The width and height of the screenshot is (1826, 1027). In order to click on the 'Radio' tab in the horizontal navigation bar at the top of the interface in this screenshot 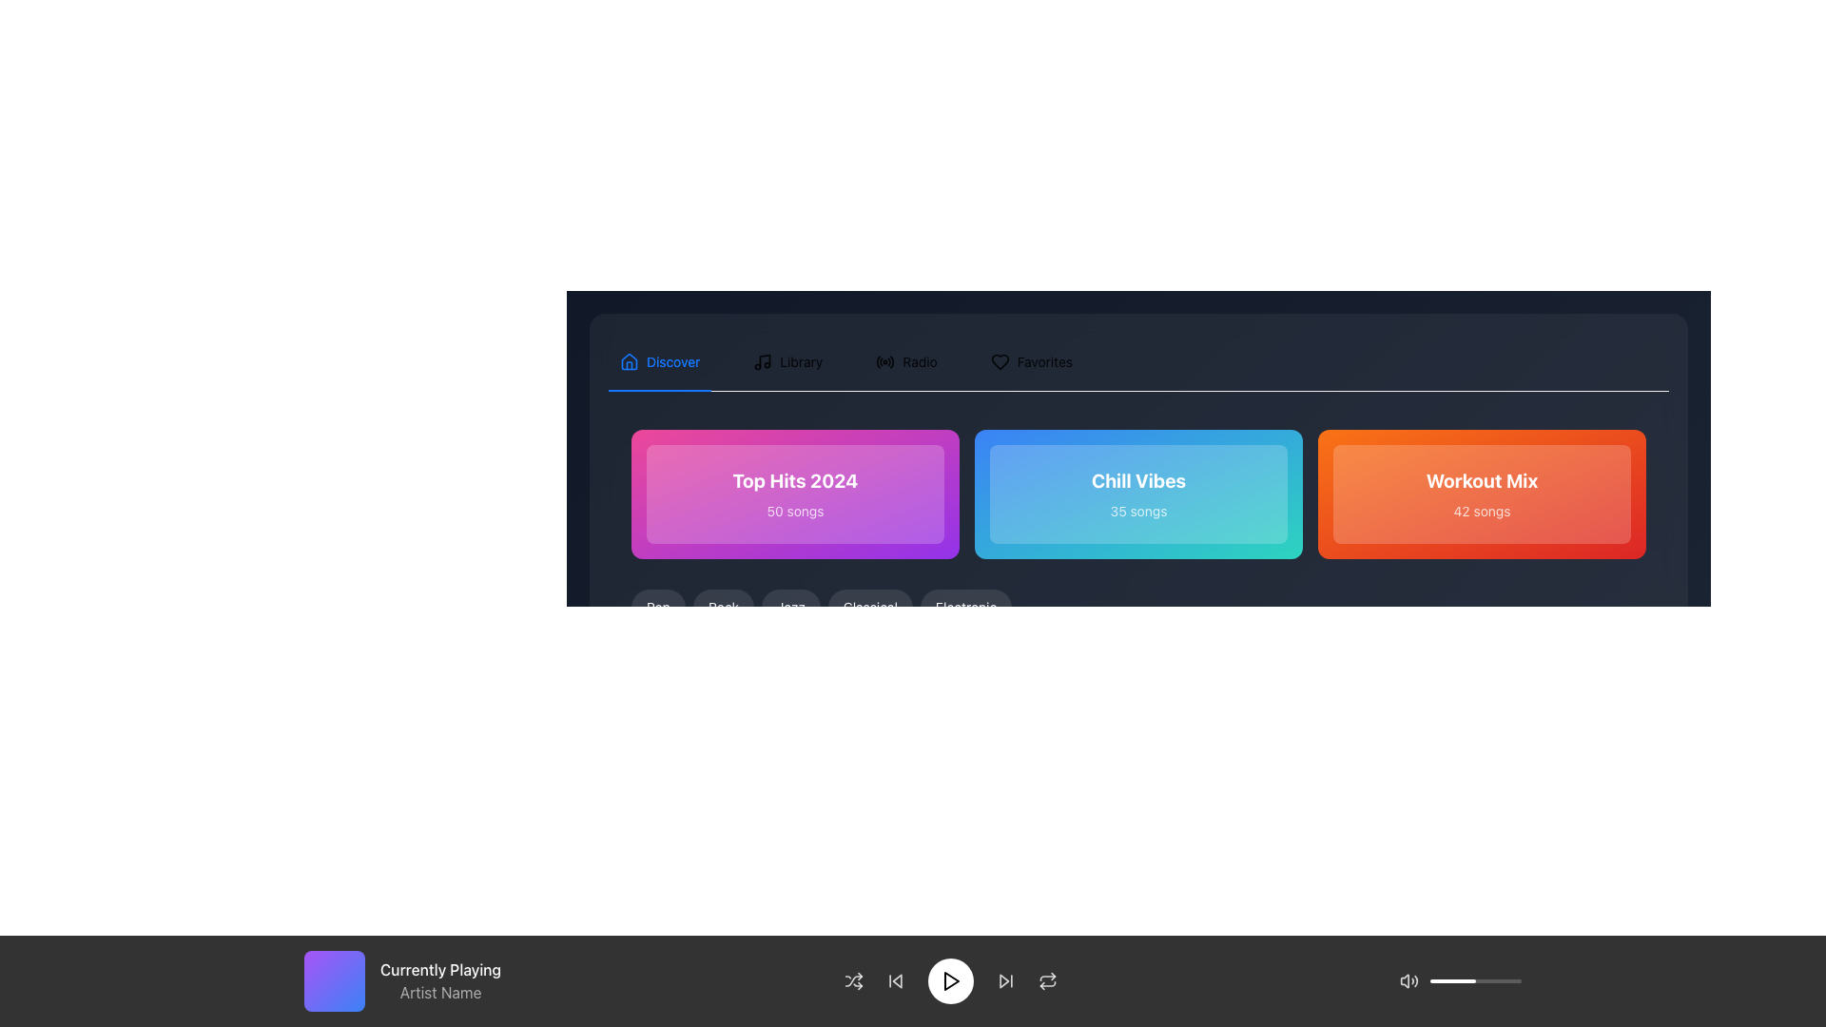, I will do `click(905, 362)`.